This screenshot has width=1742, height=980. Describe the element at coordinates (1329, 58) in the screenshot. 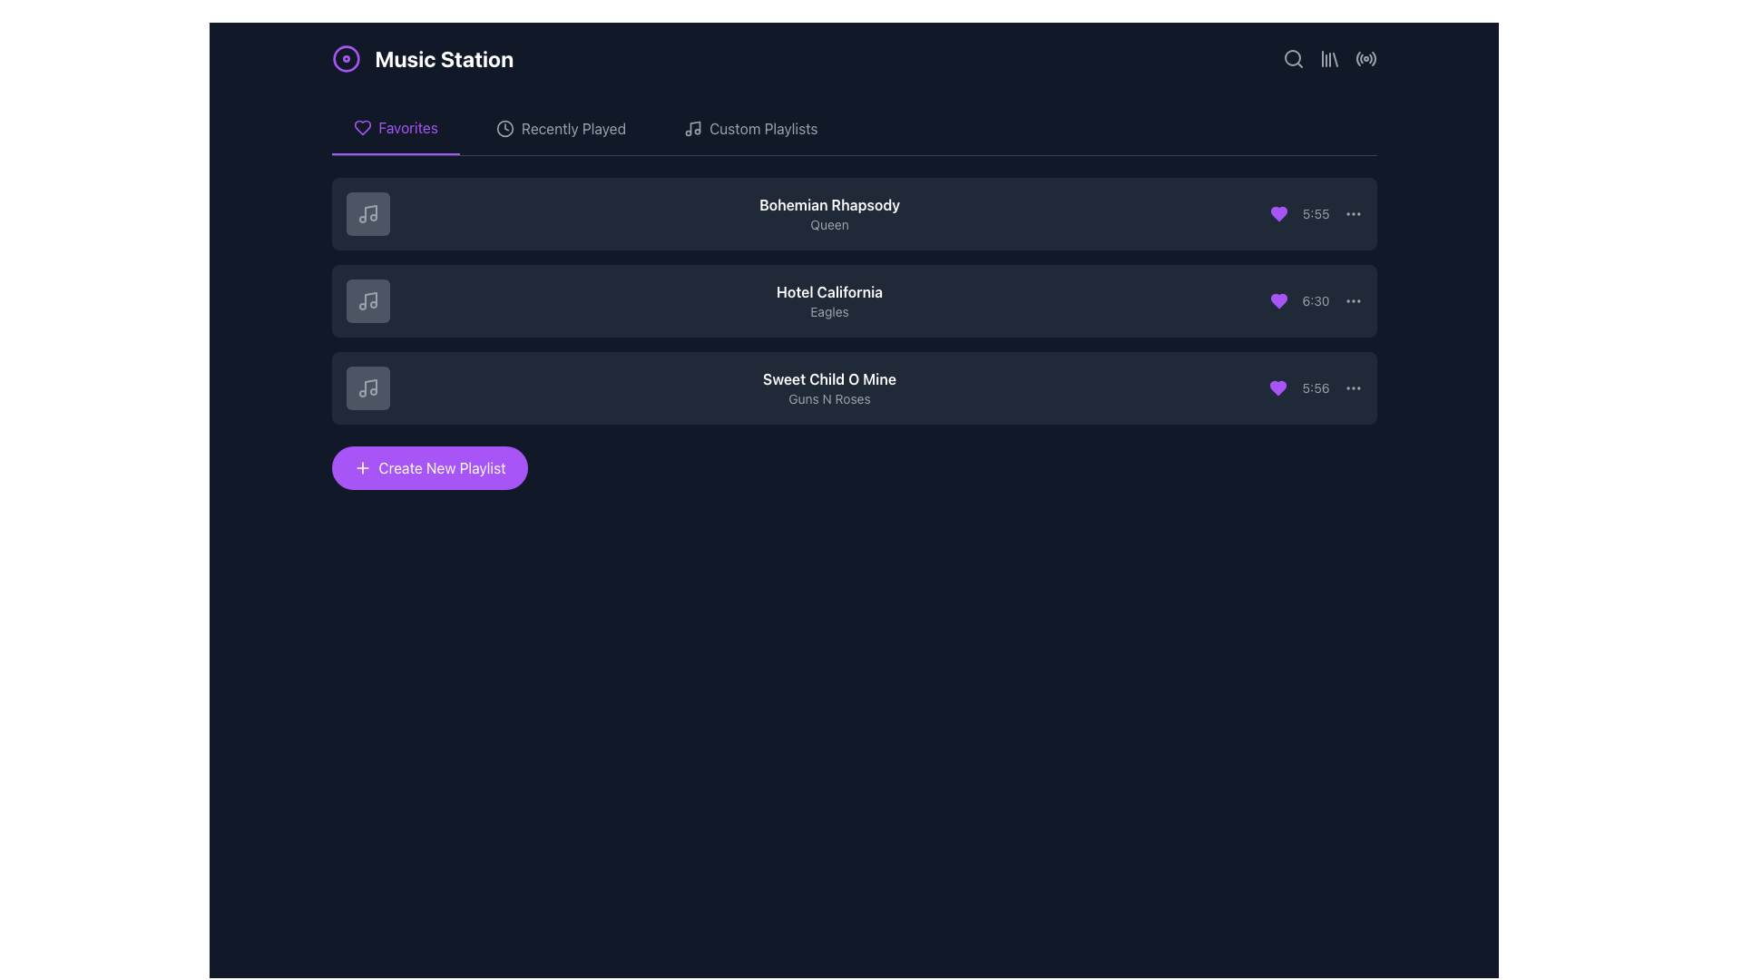

I see `the third icon from the left in the top-right corner of the application interface, which resembles a set of vertical bars leaning slightly to the right` at that location.